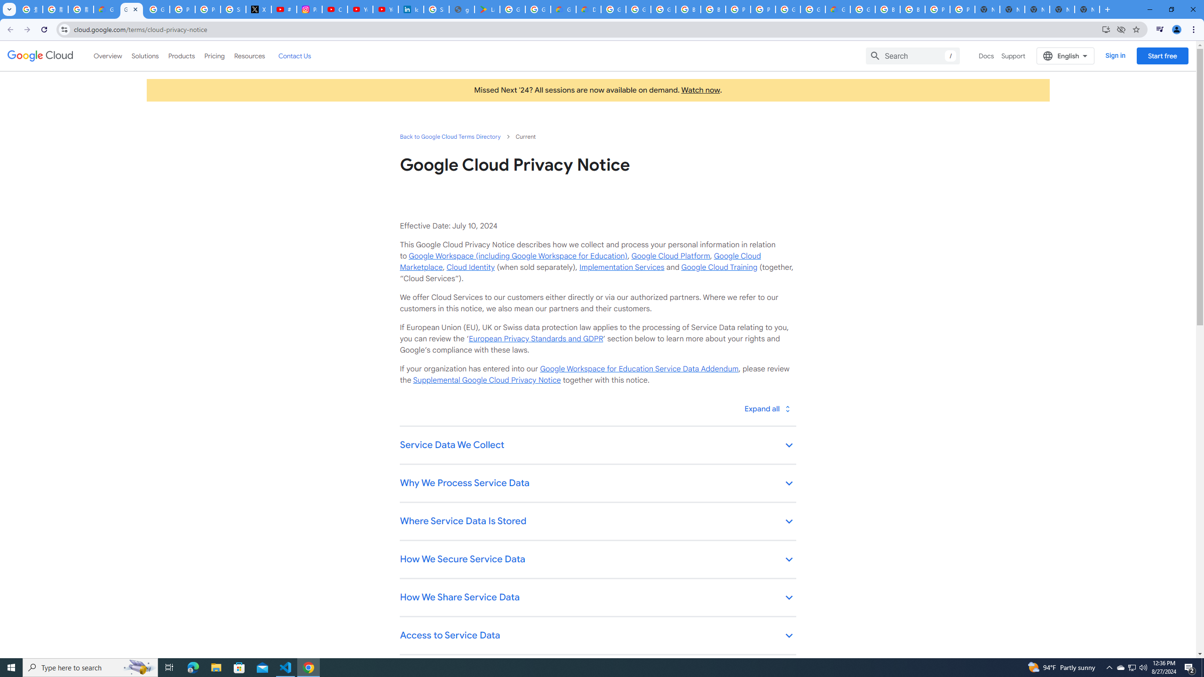 This screenshot has width=1204, height=677. I want to click on 'European Privacy Standards and GDPR', so click(535, 338).